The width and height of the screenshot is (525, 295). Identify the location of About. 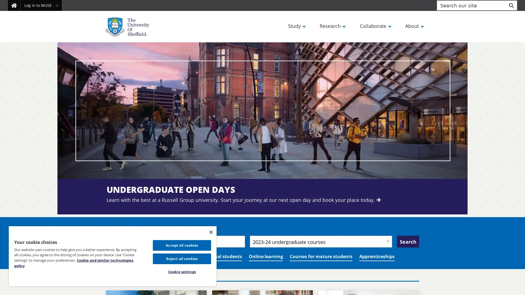
(414, 26).